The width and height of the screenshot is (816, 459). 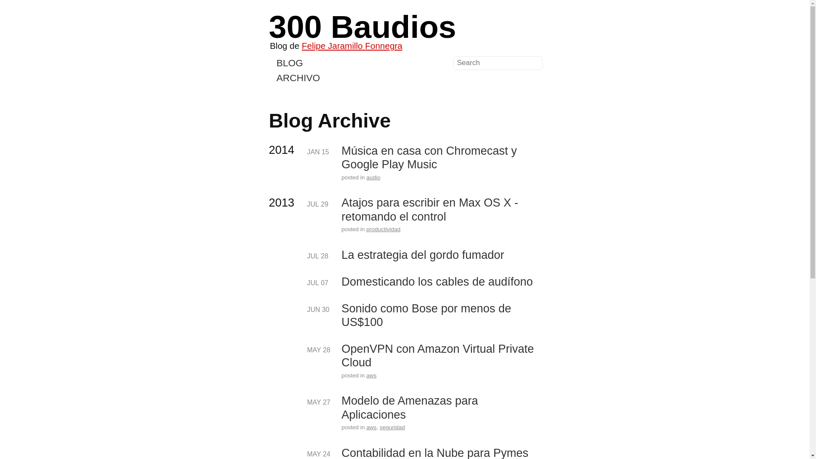 What do you see at coordinates (289, 63) in the screenshot?
I see `'BLOG'` at bounding box center [289, 63].